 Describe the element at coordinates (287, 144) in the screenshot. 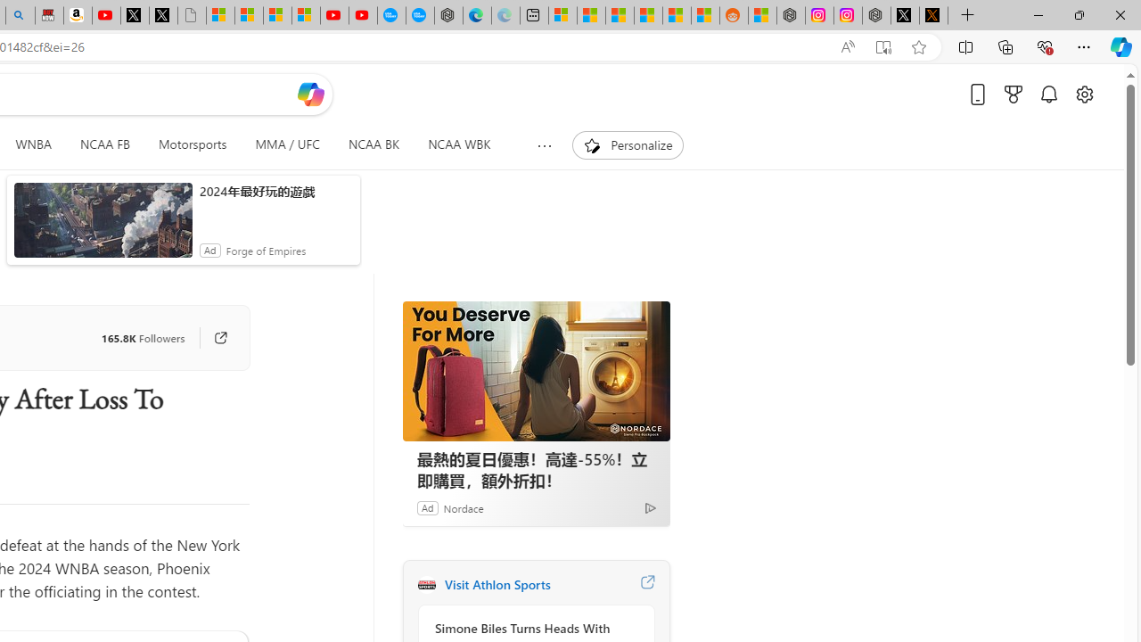

I see `'MMA / UFC'` at that location.